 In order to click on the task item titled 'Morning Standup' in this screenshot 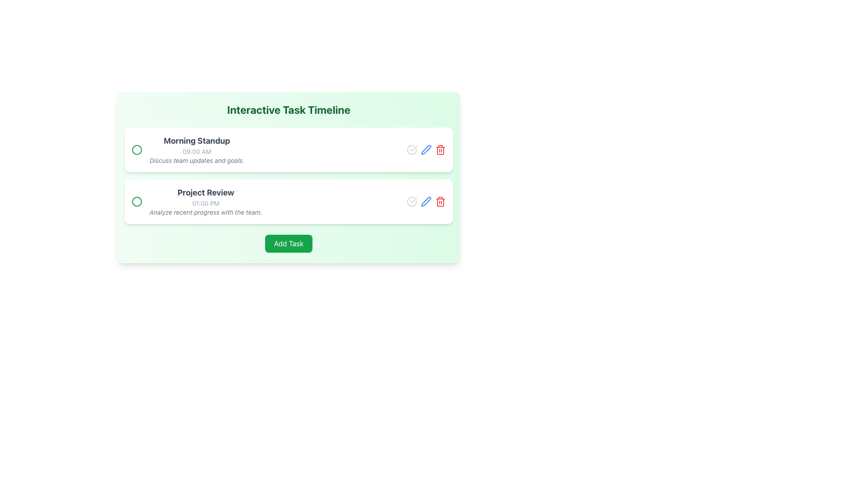, I will do `click(187, 149)`.